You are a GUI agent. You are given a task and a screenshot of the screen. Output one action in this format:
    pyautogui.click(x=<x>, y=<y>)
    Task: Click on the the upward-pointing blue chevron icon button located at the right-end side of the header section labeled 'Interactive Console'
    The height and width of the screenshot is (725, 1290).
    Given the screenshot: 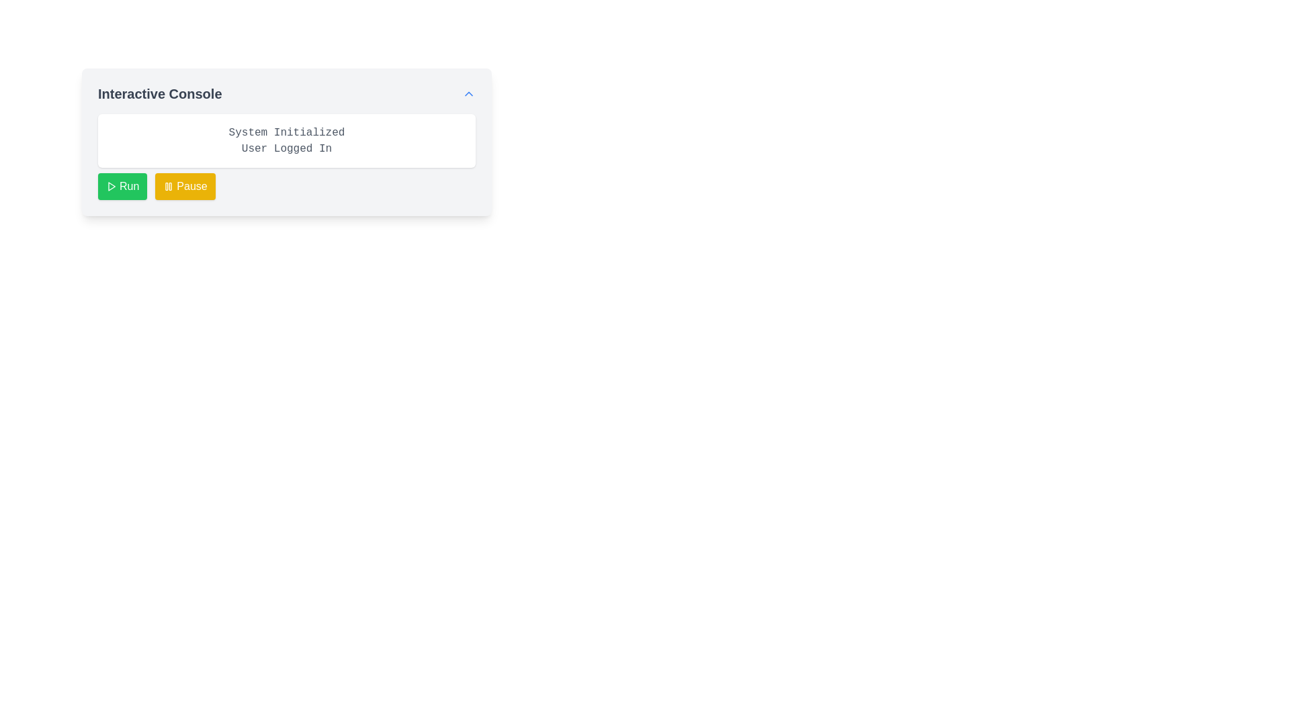 What is the action you would take?
    pyautogui.click(x=468, y=93)
    